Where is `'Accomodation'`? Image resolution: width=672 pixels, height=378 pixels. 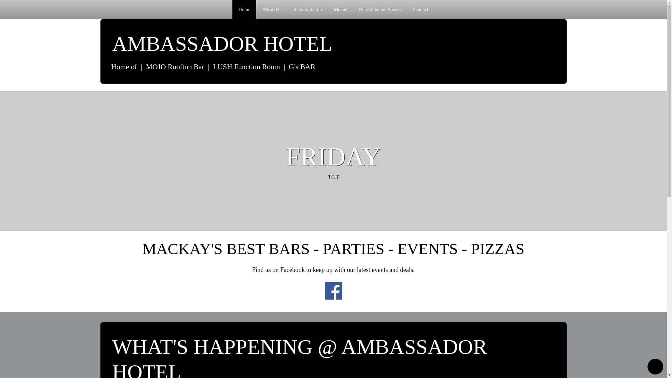 'Accomodation' is located at coordinates (307, 9).